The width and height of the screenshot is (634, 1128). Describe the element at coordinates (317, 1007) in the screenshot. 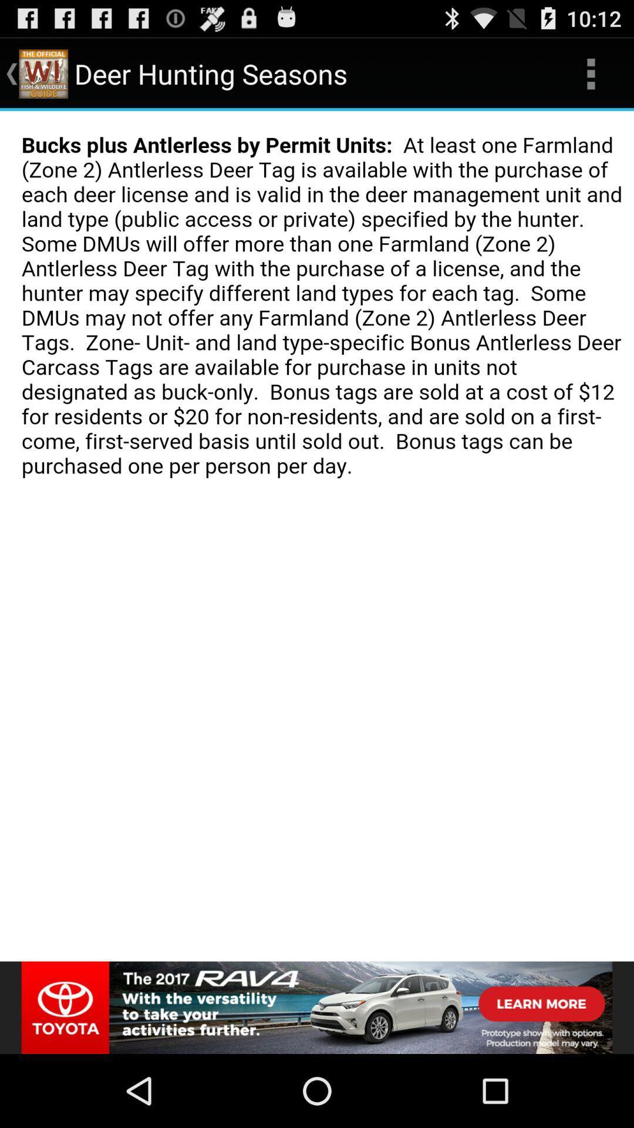

I see `advertisement` at that location.